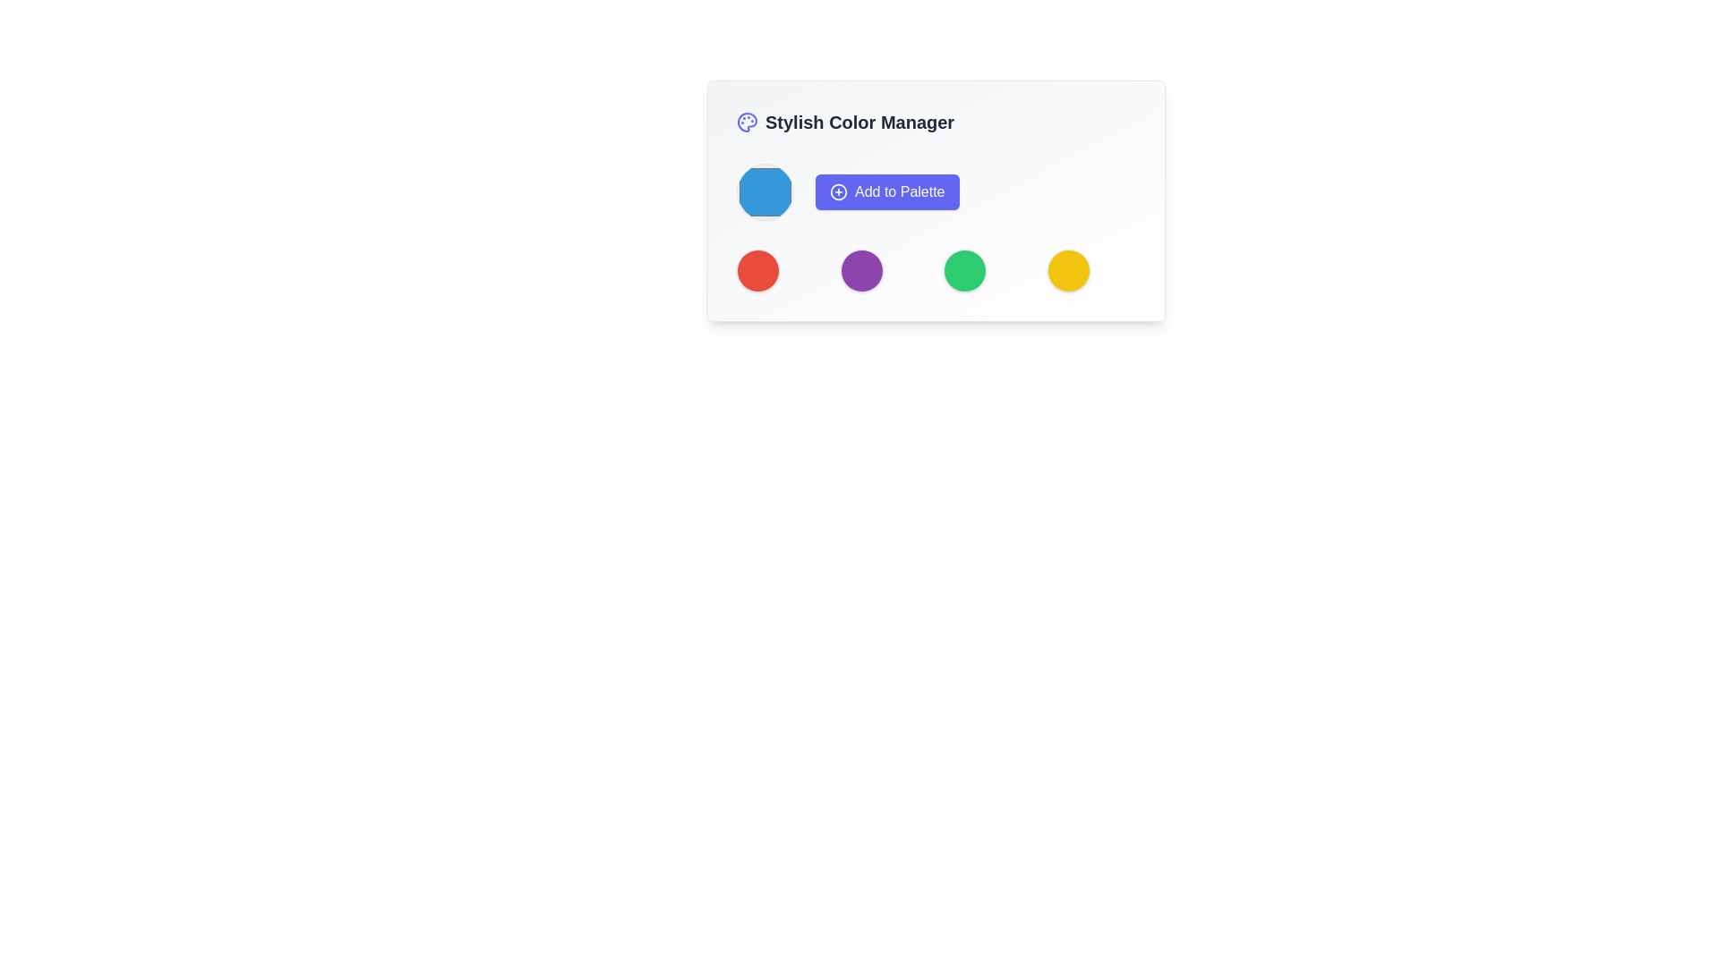  Describe the element at coordinates (936, 200) in the screenshot. I see `the button located in the Stylish Color Manager card` at that location.